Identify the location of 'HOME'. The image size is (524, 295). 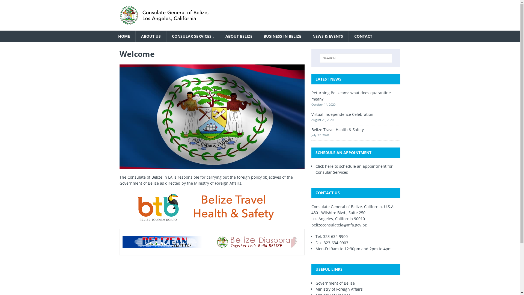
(123, 36).